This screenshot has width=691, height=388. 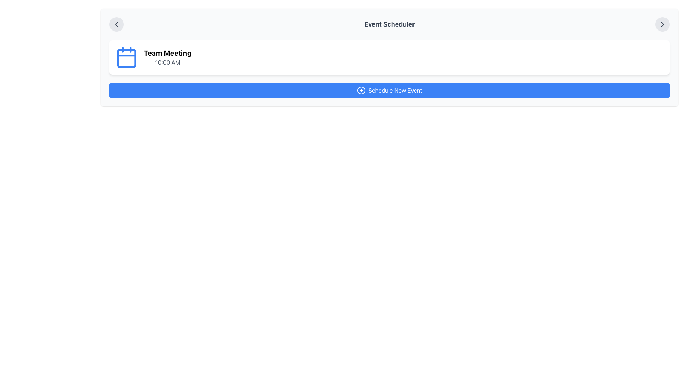 What do you see at coordinates (389, 24) in the screenshot?
I see `the Static Text element displaying 'Event Scheduler' in bold, large, gray font, located in the header section, centered between two arrow icons` at bounding box center [389, 24].